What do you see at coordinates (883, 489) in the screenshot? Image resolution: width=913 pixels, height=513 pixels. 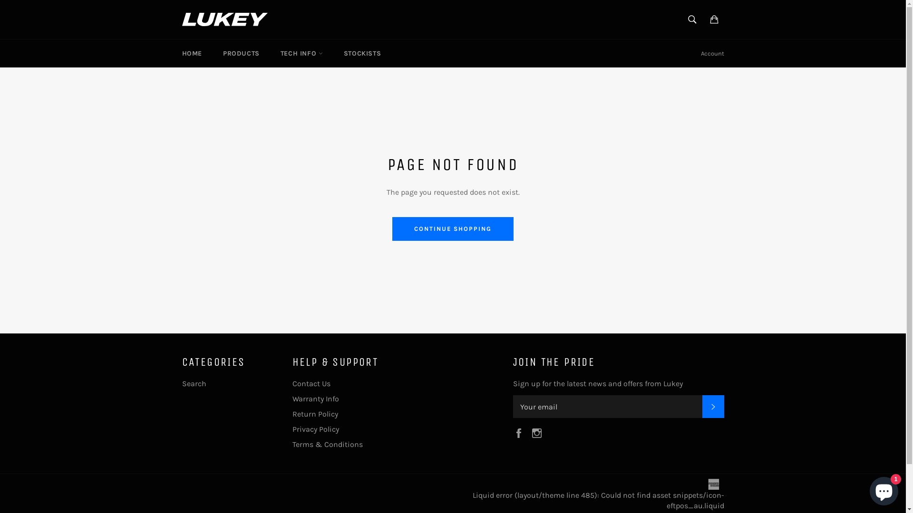 I see `'Shopify online store chat'` at bounding box center [883, 489].